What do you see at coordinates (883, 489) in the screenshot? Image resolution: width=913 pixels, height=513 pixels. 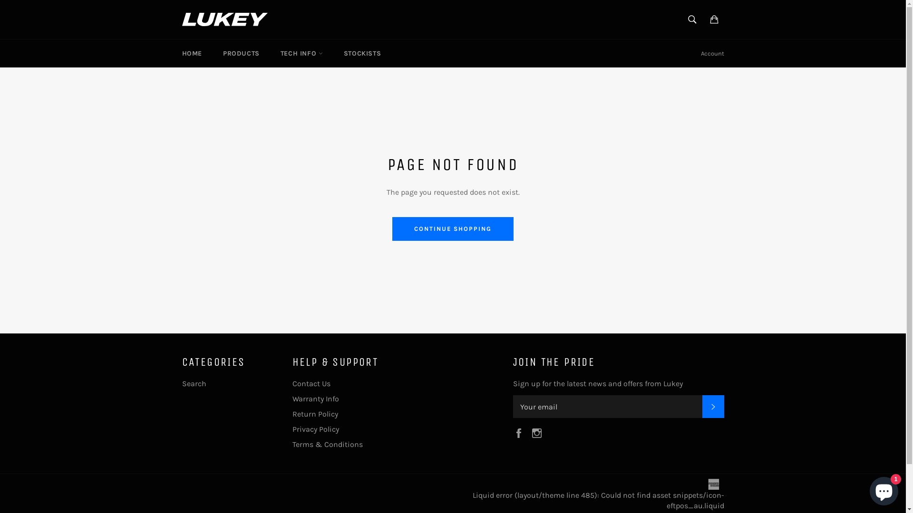 I see `'Shopify online store chat'` at bounding box center [883, 489].